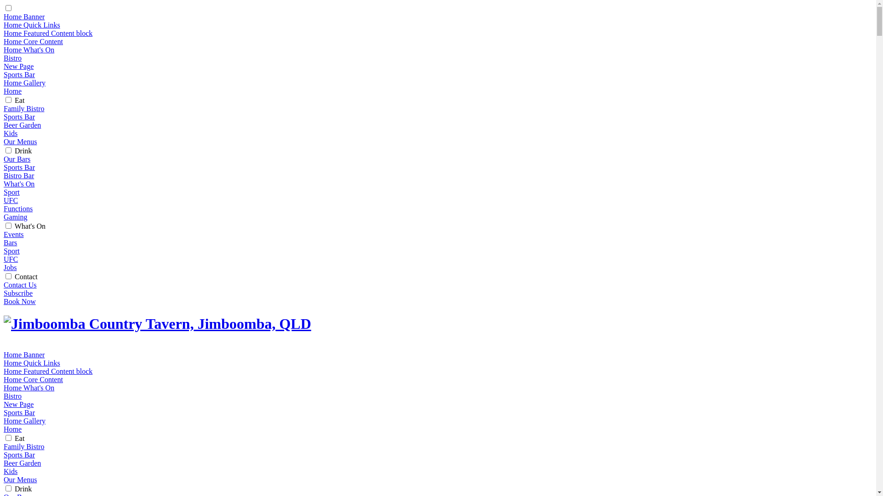  I want to click on 'Home Banner', so click(24, 17).